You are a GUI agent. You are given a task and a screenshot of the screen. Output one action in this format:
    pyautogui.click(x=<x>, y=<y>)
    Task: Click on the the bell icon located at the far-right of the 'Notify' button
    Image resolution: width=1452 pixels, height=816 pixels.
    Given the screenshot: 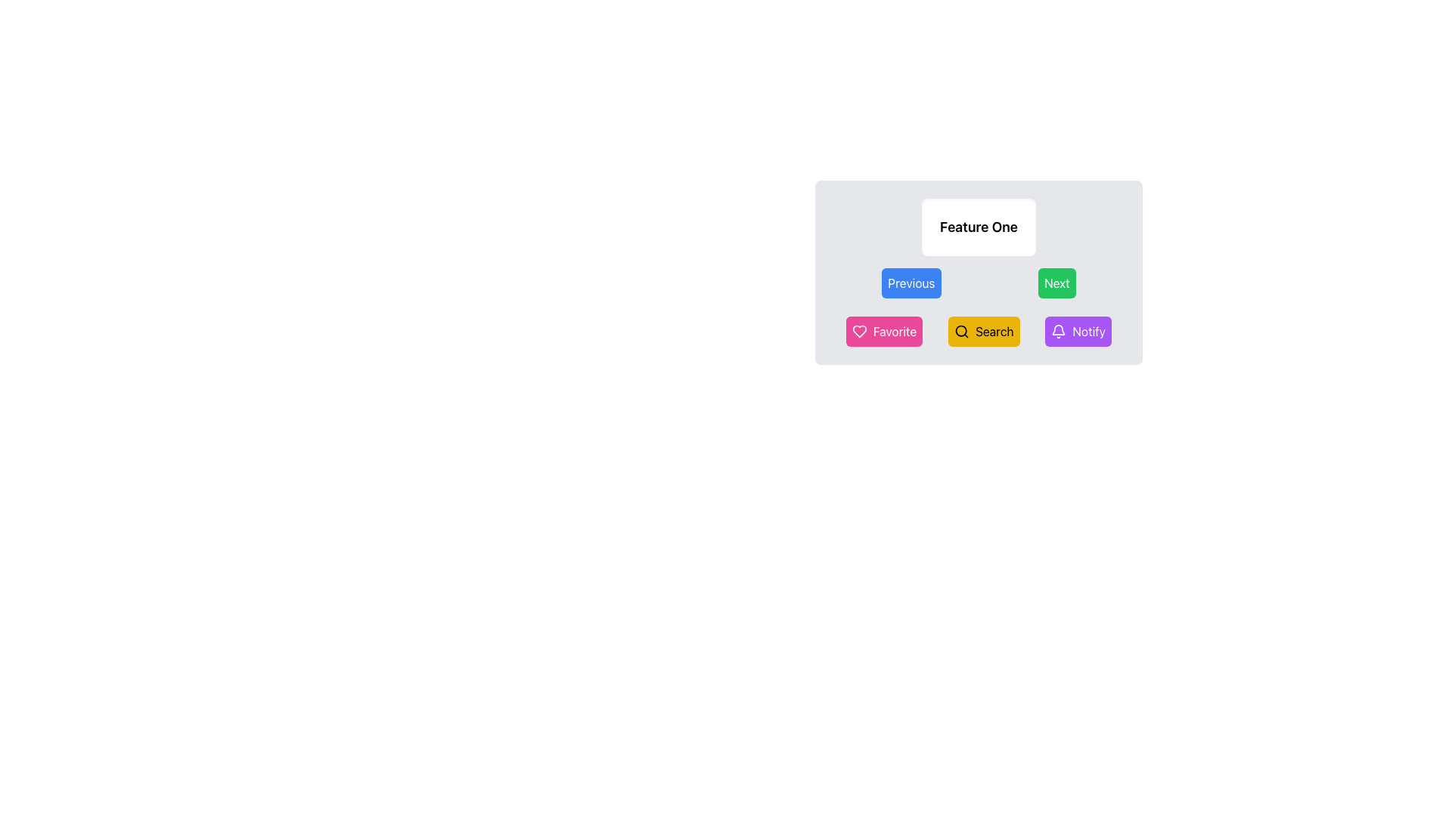 What is the action you would take?
    pyautogui.click(x=1058, y=331)
    